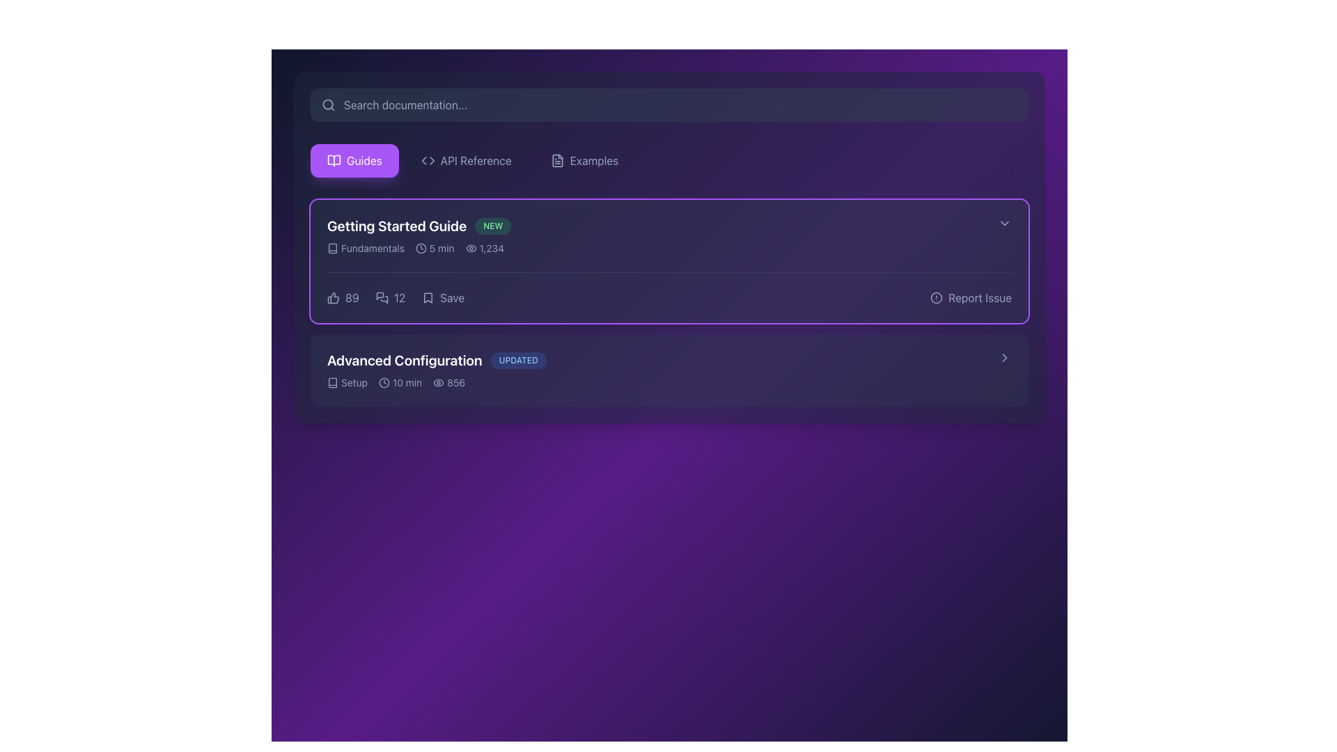  I want to click on the 'API Reference' button, which is styled with rounded corners and features a code icon next to the text, so click(466, 160).